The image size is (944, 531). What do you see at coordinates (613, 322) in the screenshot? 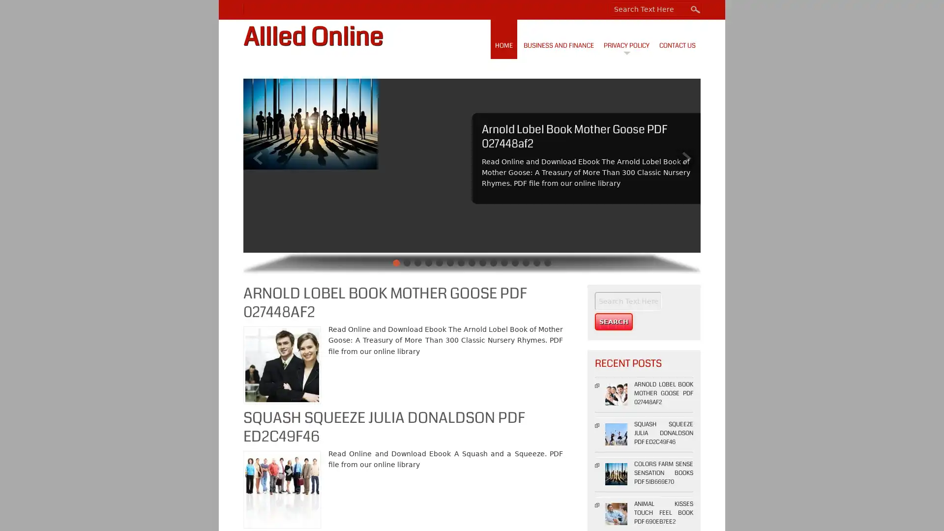
I see `Search` at bounding box center [613, 322].